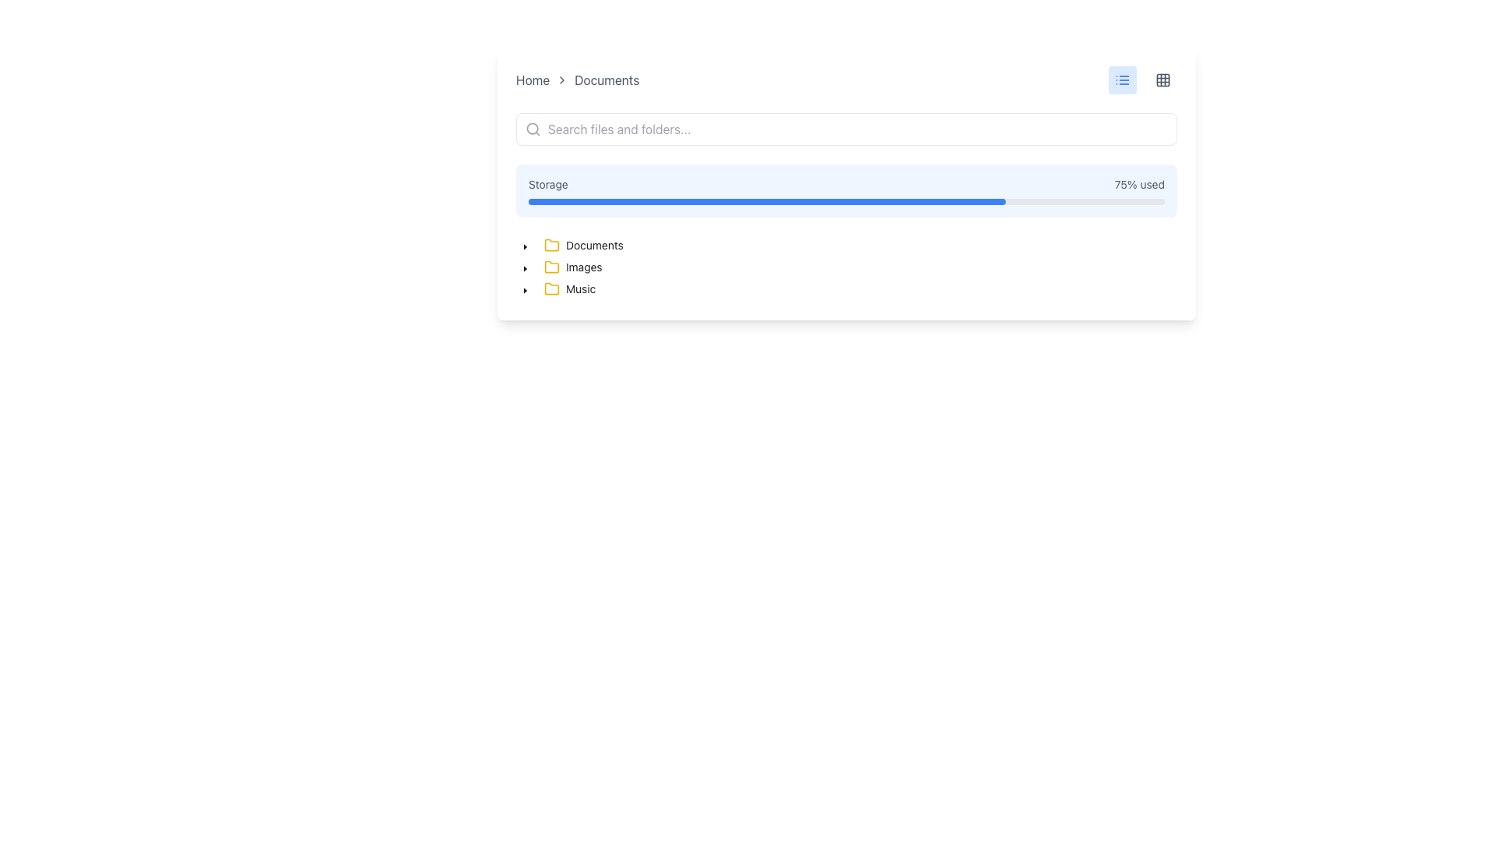  What do you see at coordinates (572, 267) in the screenshot?
I see `the 'Images' folder label in the directory tree view` at bounding box center [572, 267].